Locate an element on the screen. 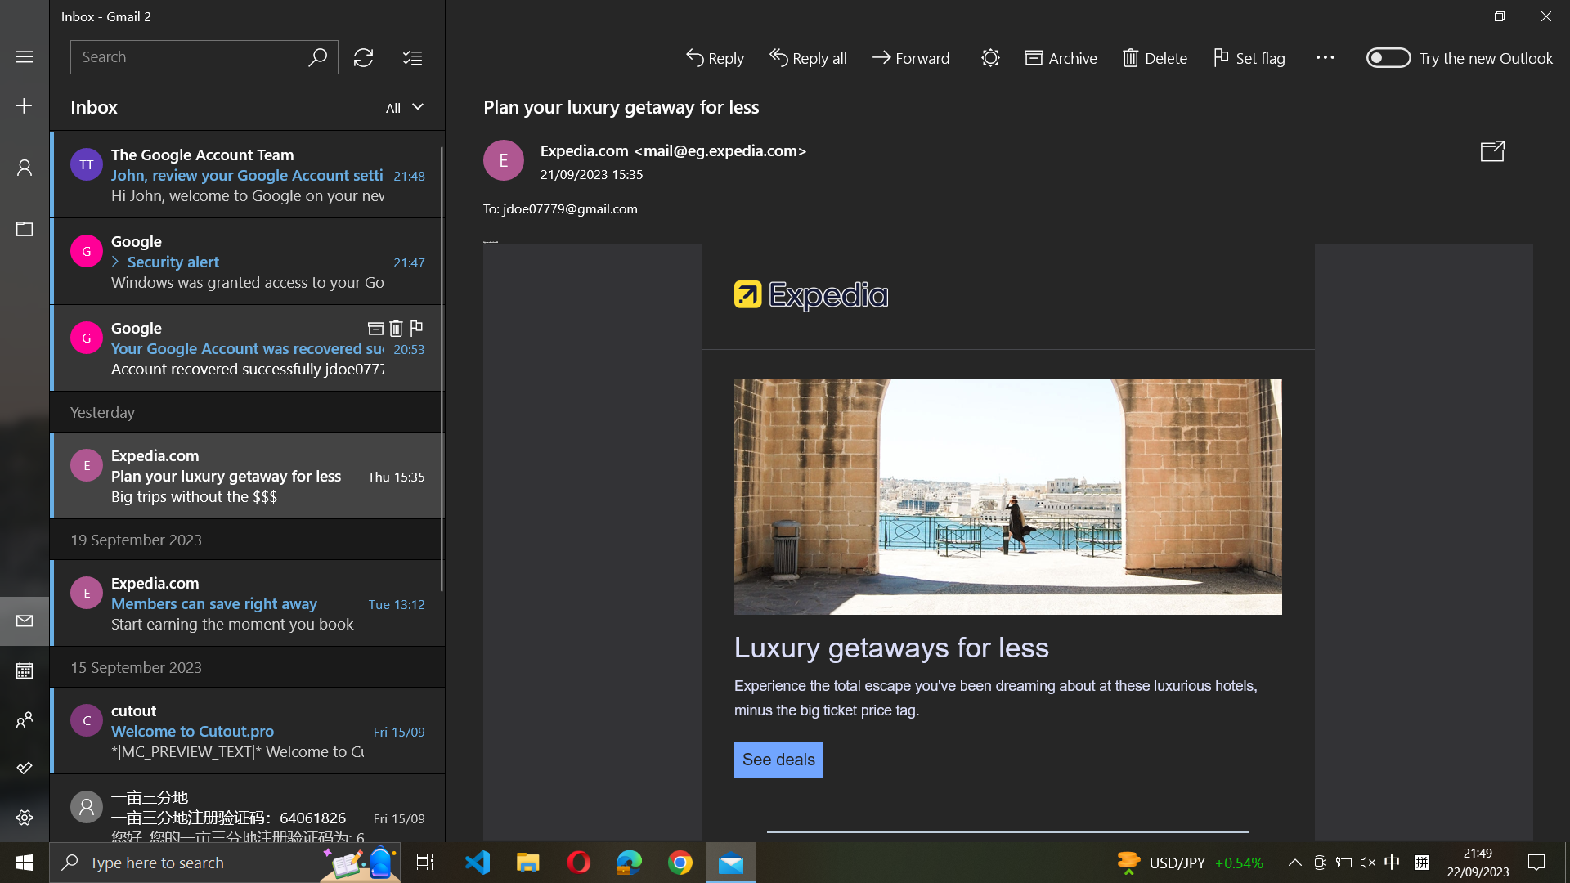 The image size is (1570, 883). Archive the current email is located at coordinates (1059, 55).